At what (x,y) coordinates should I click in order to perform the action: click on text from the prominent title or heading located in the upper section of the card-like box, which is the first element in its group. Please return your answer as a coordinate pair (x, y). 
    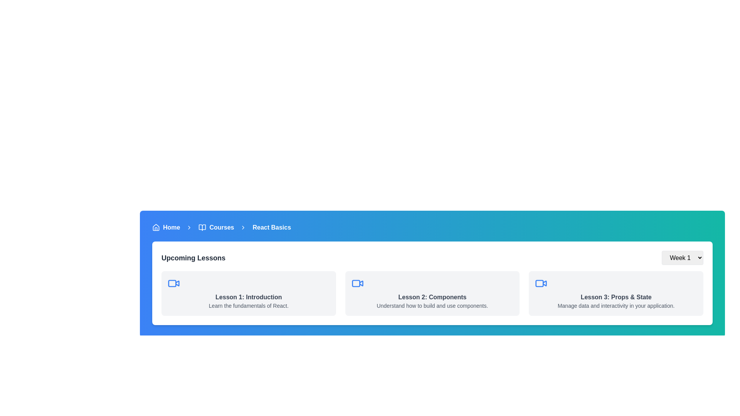
    Looking at the image, I should click on (193, 258).